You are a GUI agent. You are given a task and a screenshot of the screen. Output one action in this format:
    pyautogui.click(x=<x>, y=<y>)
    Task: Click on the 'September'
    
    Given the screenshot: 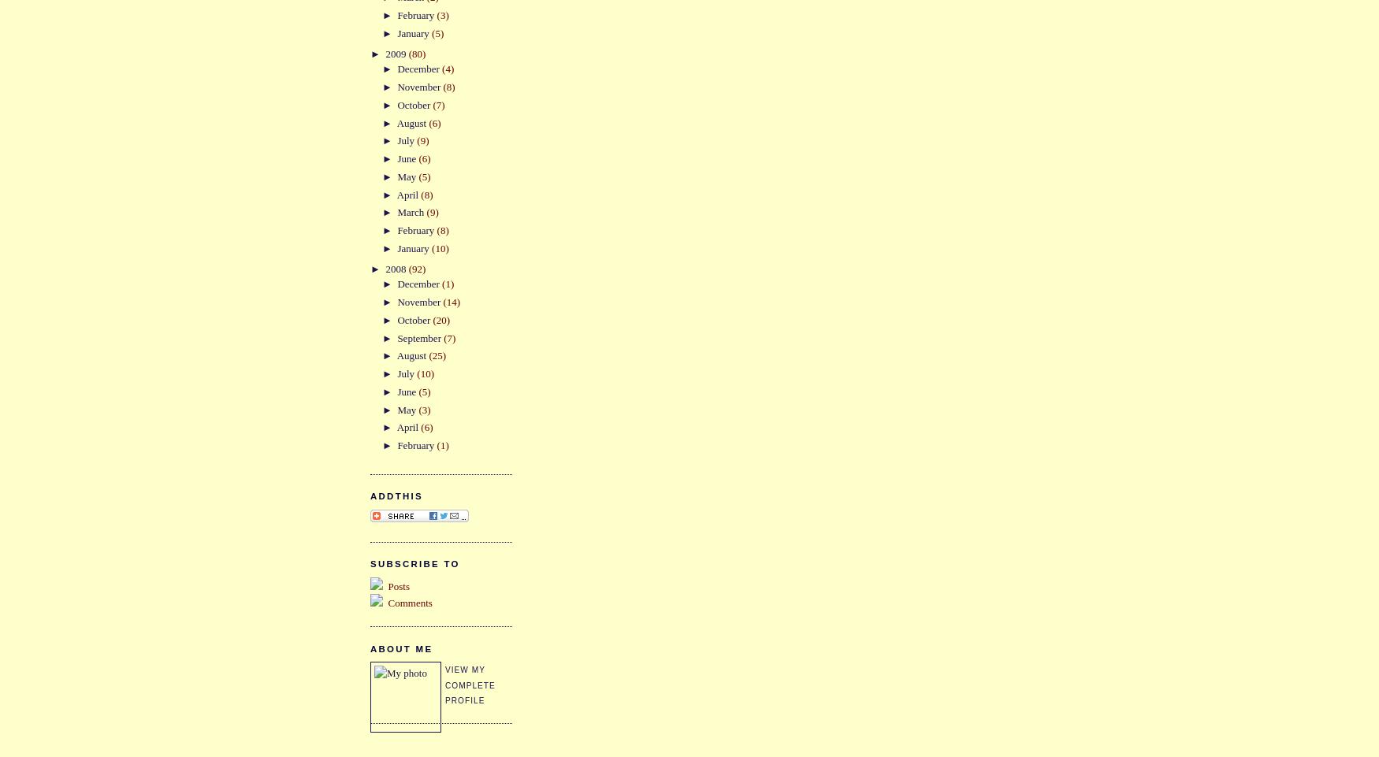 What is the action you would take?
    pyautogui.click(x=396, y=336)
    